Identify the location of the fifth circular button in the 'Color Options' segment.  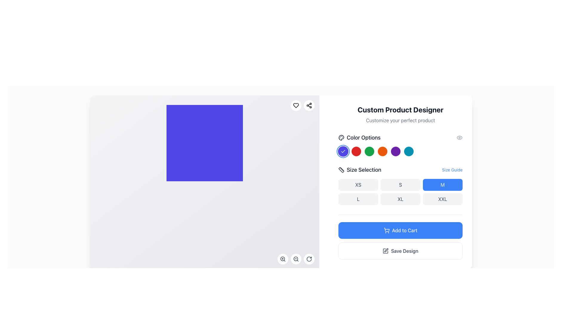
(382, 151).